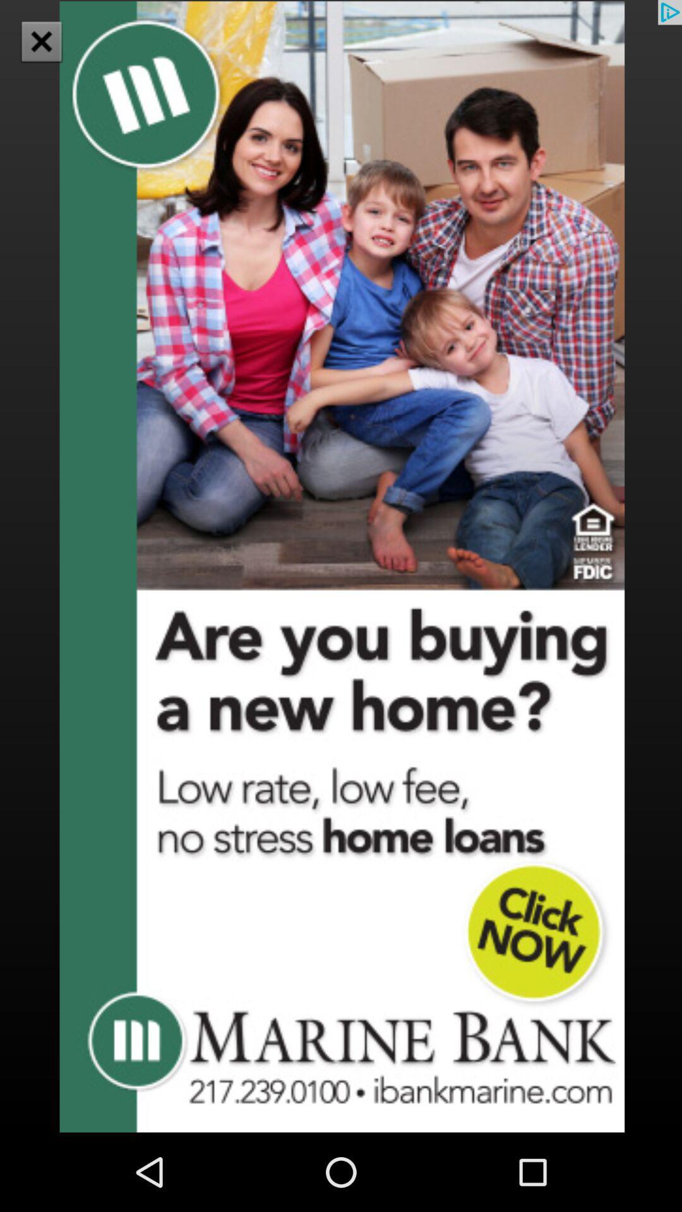  What do you see at coordinates (40, 44) in the screenshot?
I see `the close icon` at bounding box center [40, 44].